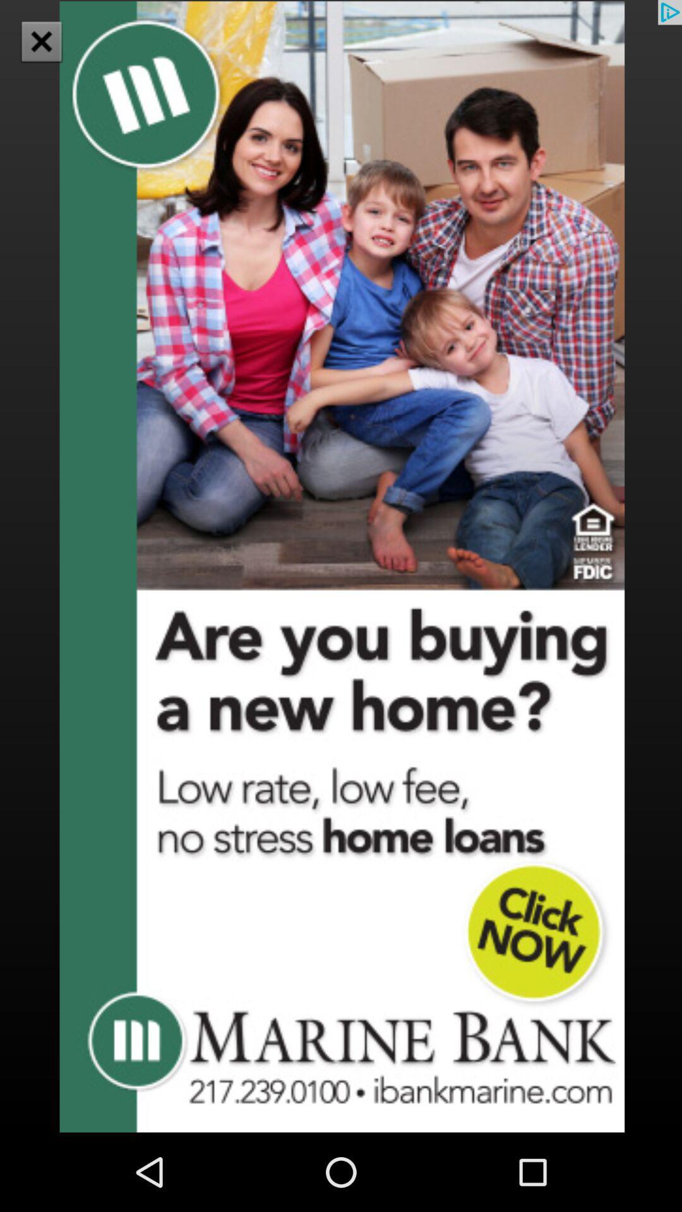  What do you see at coordinates (40, 44) in the screenshot?
I see `the close icon` at bounding box center [40, 44].